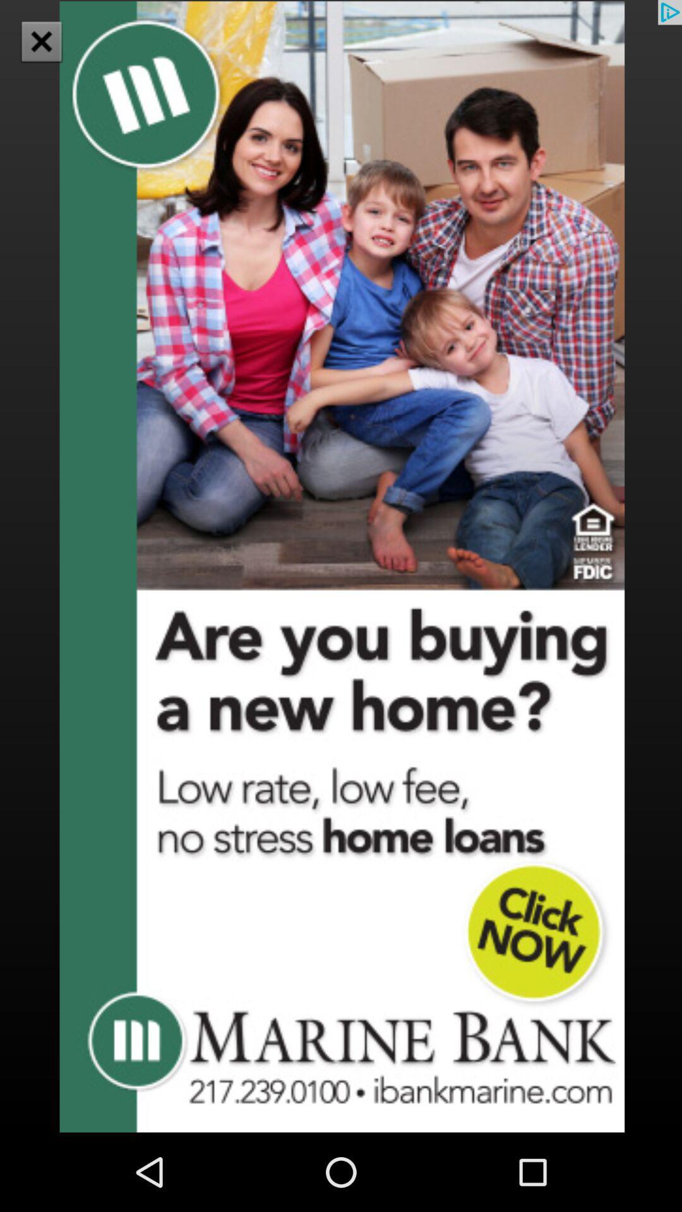  What do you see at coordinates (40, 44) in the screenshot?
I see `the close icon` at bounding box center [40, 44].